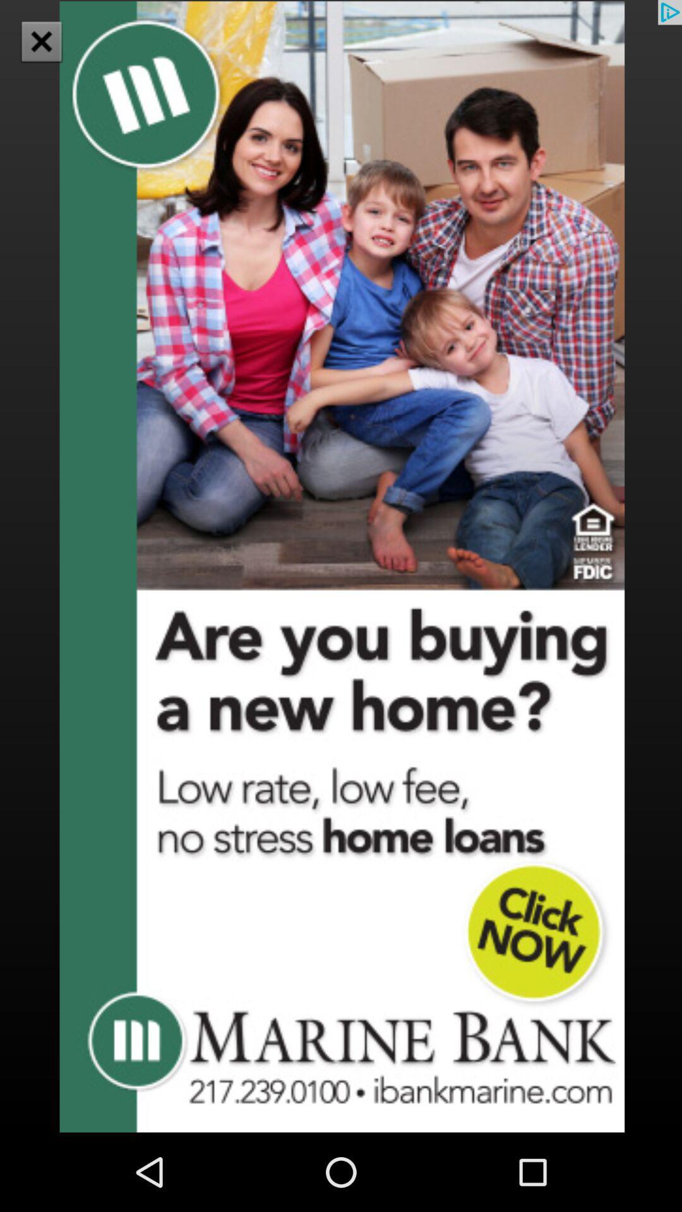  What do you see at coordinates (40, 44) in the screenshot?
I see `the close icon` at bounding box center [40, 44].